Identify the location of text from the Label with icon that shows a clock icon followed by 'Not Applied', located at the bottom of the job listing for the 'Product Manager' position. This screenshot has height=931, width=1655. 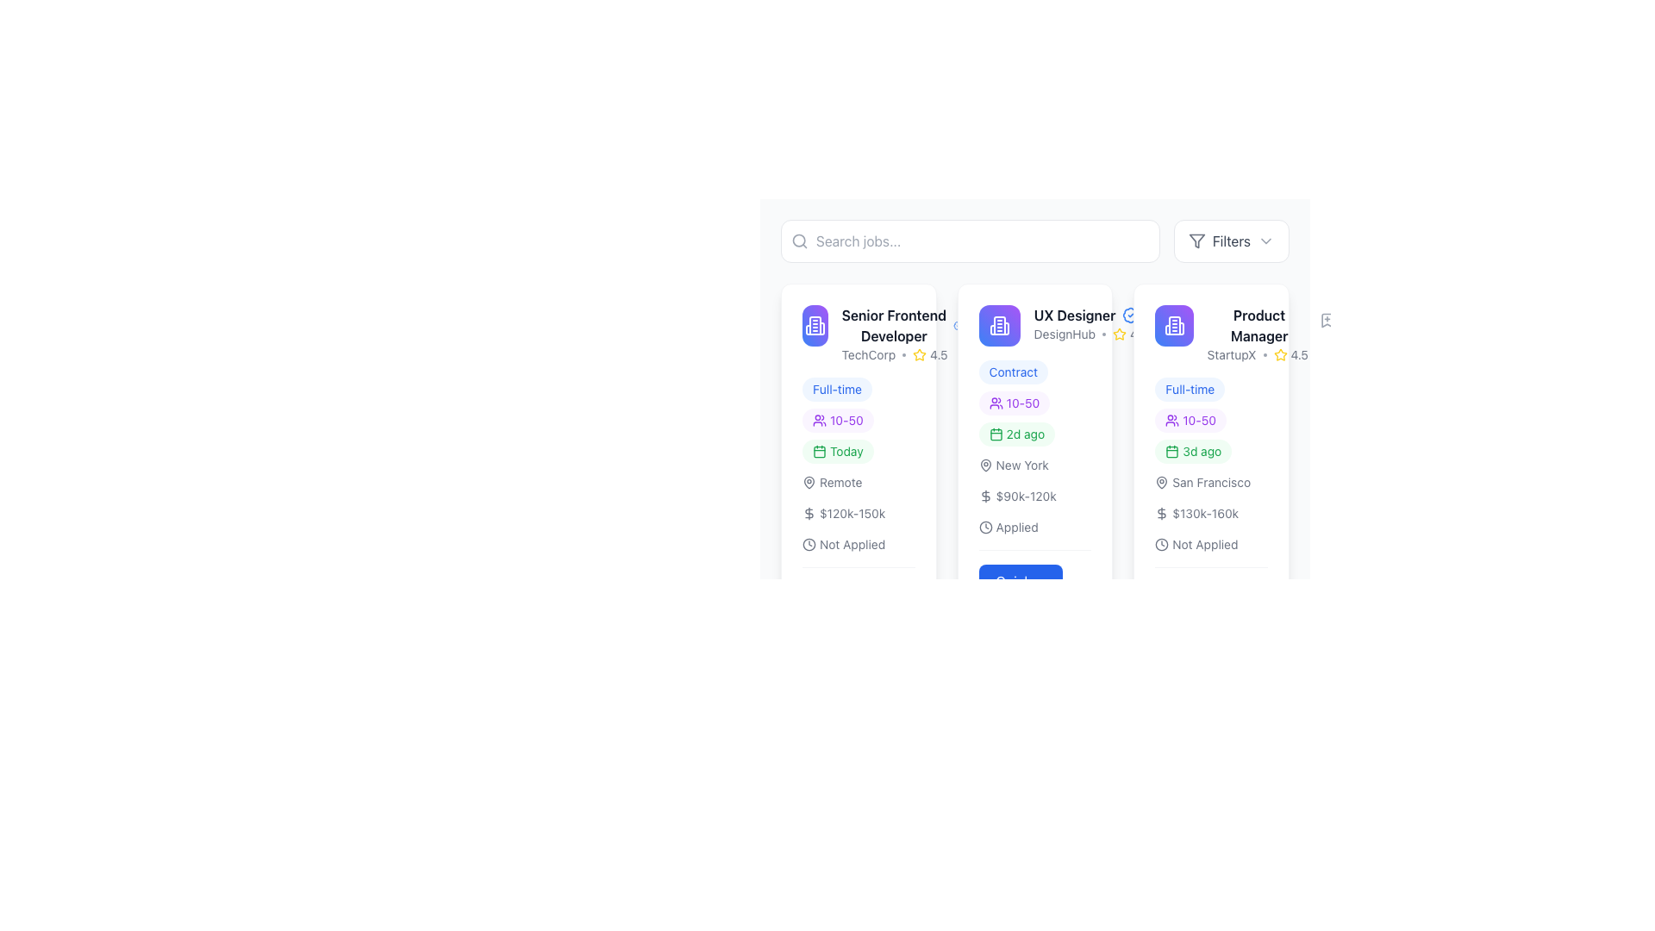
(1196, 545).